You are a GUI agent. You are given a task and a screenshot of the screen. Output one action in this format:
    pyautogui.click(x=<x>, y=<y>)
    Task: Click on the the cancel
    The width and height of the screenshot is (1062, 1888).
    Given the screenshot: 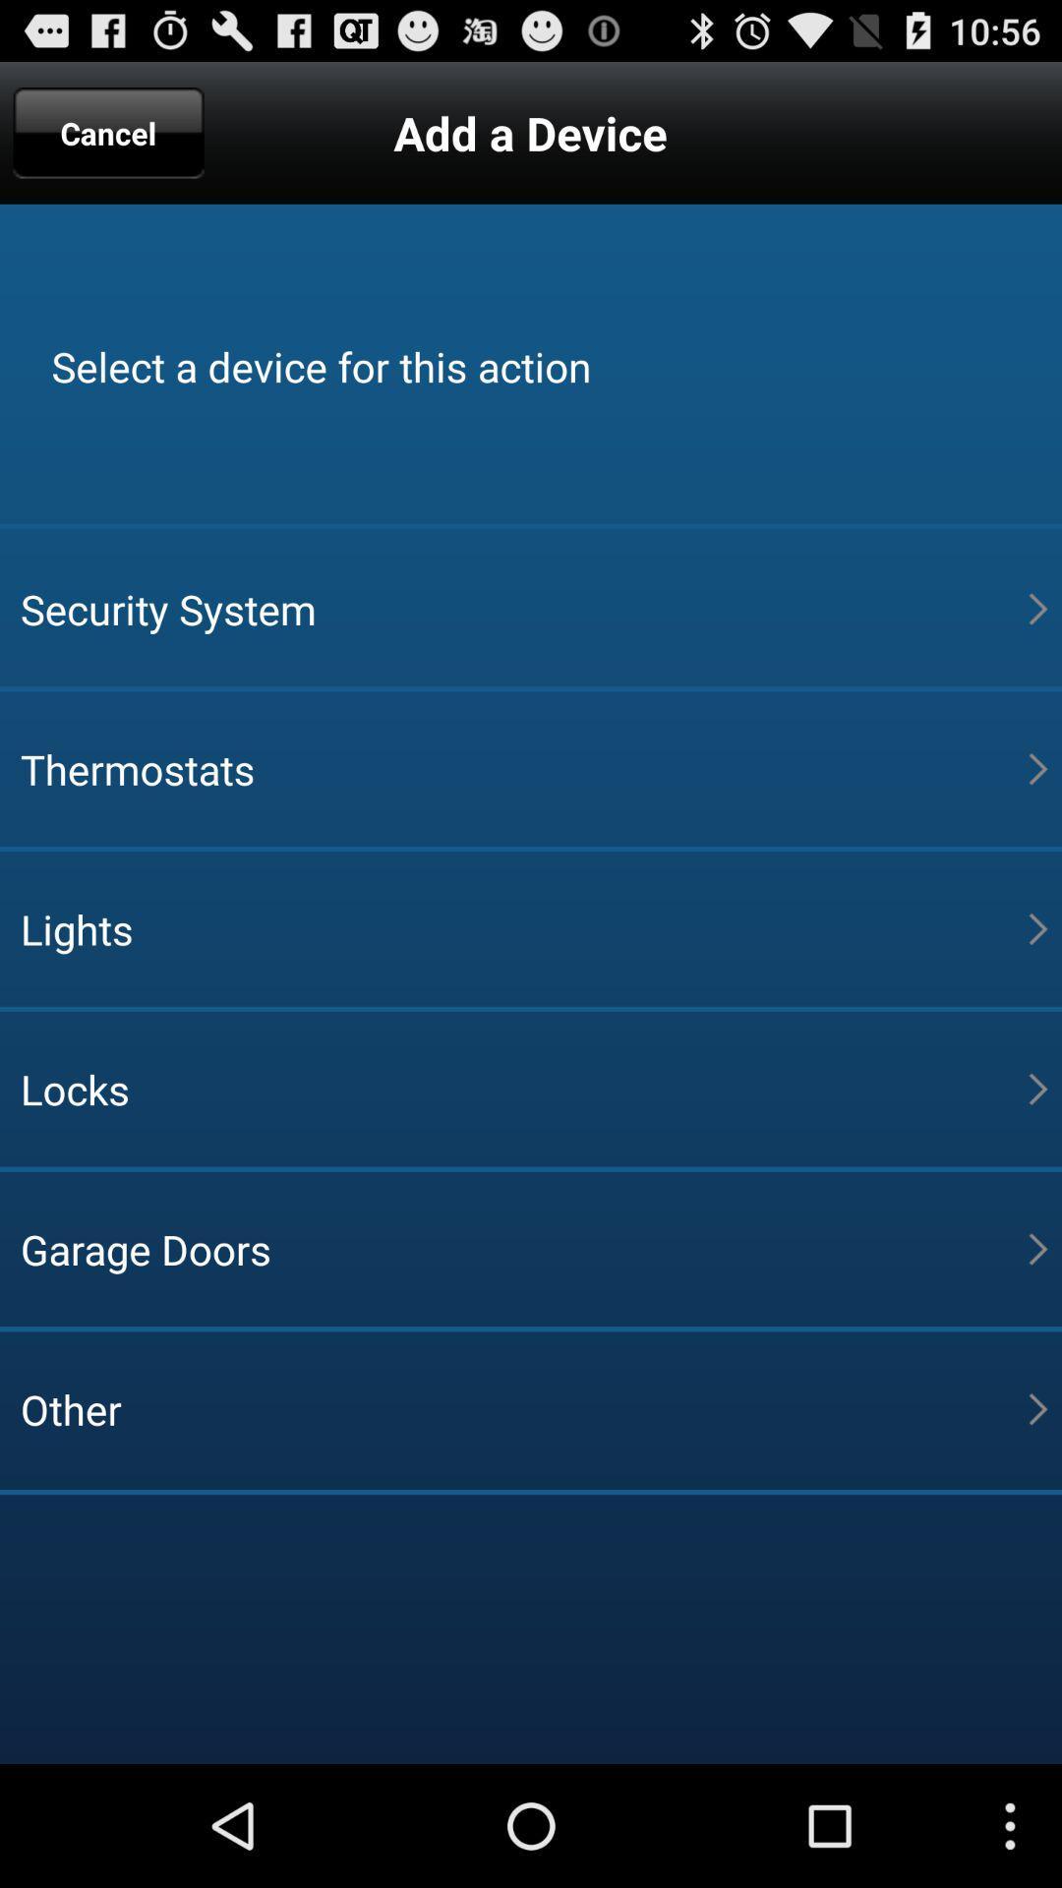 What is the action you would take?
    pyautogui.click(x=108, y=132)
    